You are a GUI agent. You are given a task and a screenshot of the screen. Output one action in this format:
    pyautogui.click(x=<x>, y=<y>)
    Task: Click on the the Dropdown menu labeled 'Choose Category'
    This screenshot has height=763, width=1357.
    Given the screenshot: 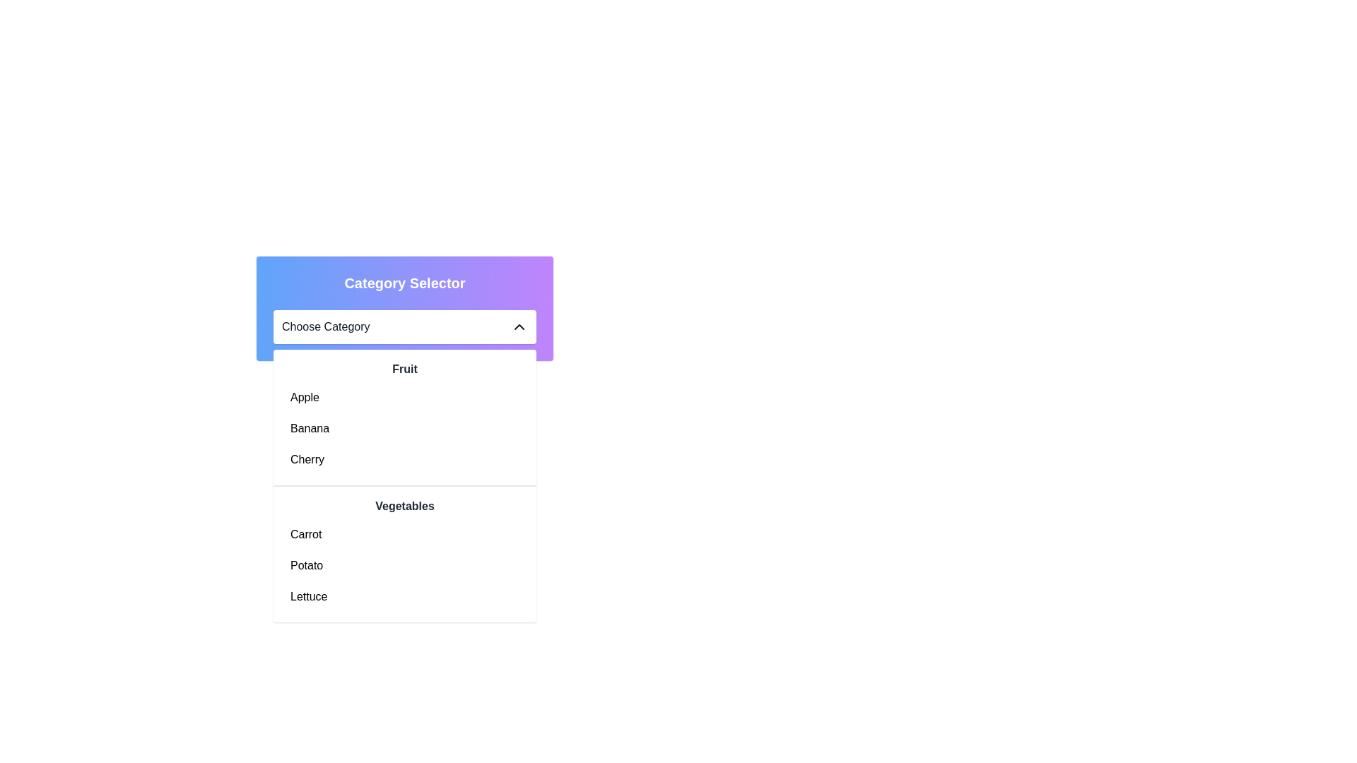 What is the action you would take?
    pyautogui.click(x=404, y=326)
    